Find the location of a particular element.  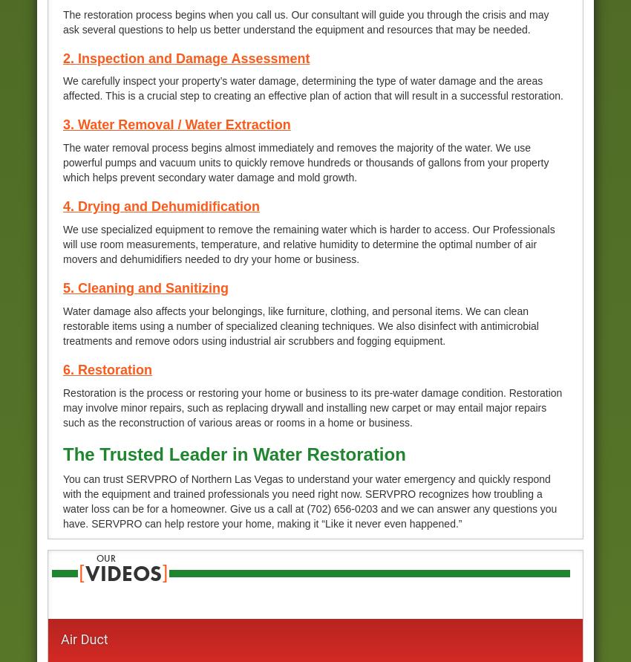

'Restoration is the process or restoring your home or business to its pre-water damage condition. Restoration may involve minor repairs, such as replacing drywall and installing new carpet or may entail major repairs such as the reconstruction of various areas or rooms in a home or business.' is located at coordinates (313, 406).